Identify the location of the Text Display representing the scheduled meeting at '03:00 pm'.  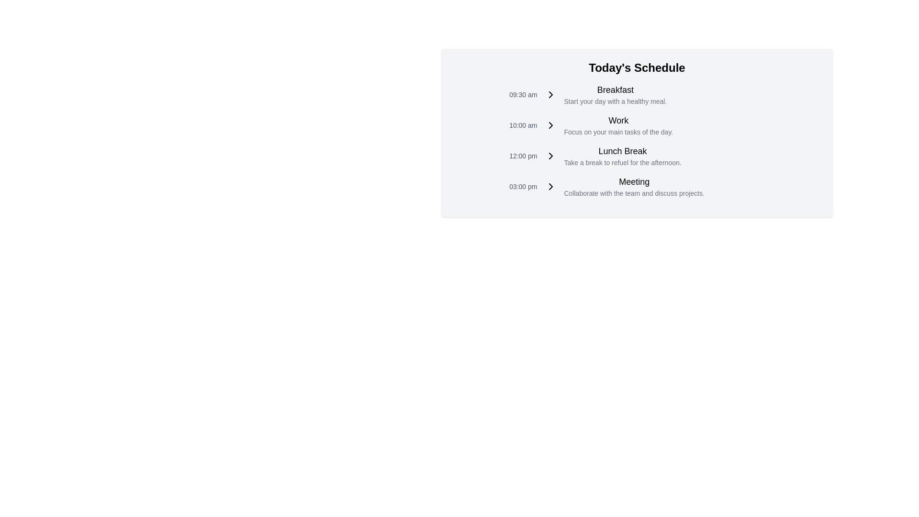
(630, 186).